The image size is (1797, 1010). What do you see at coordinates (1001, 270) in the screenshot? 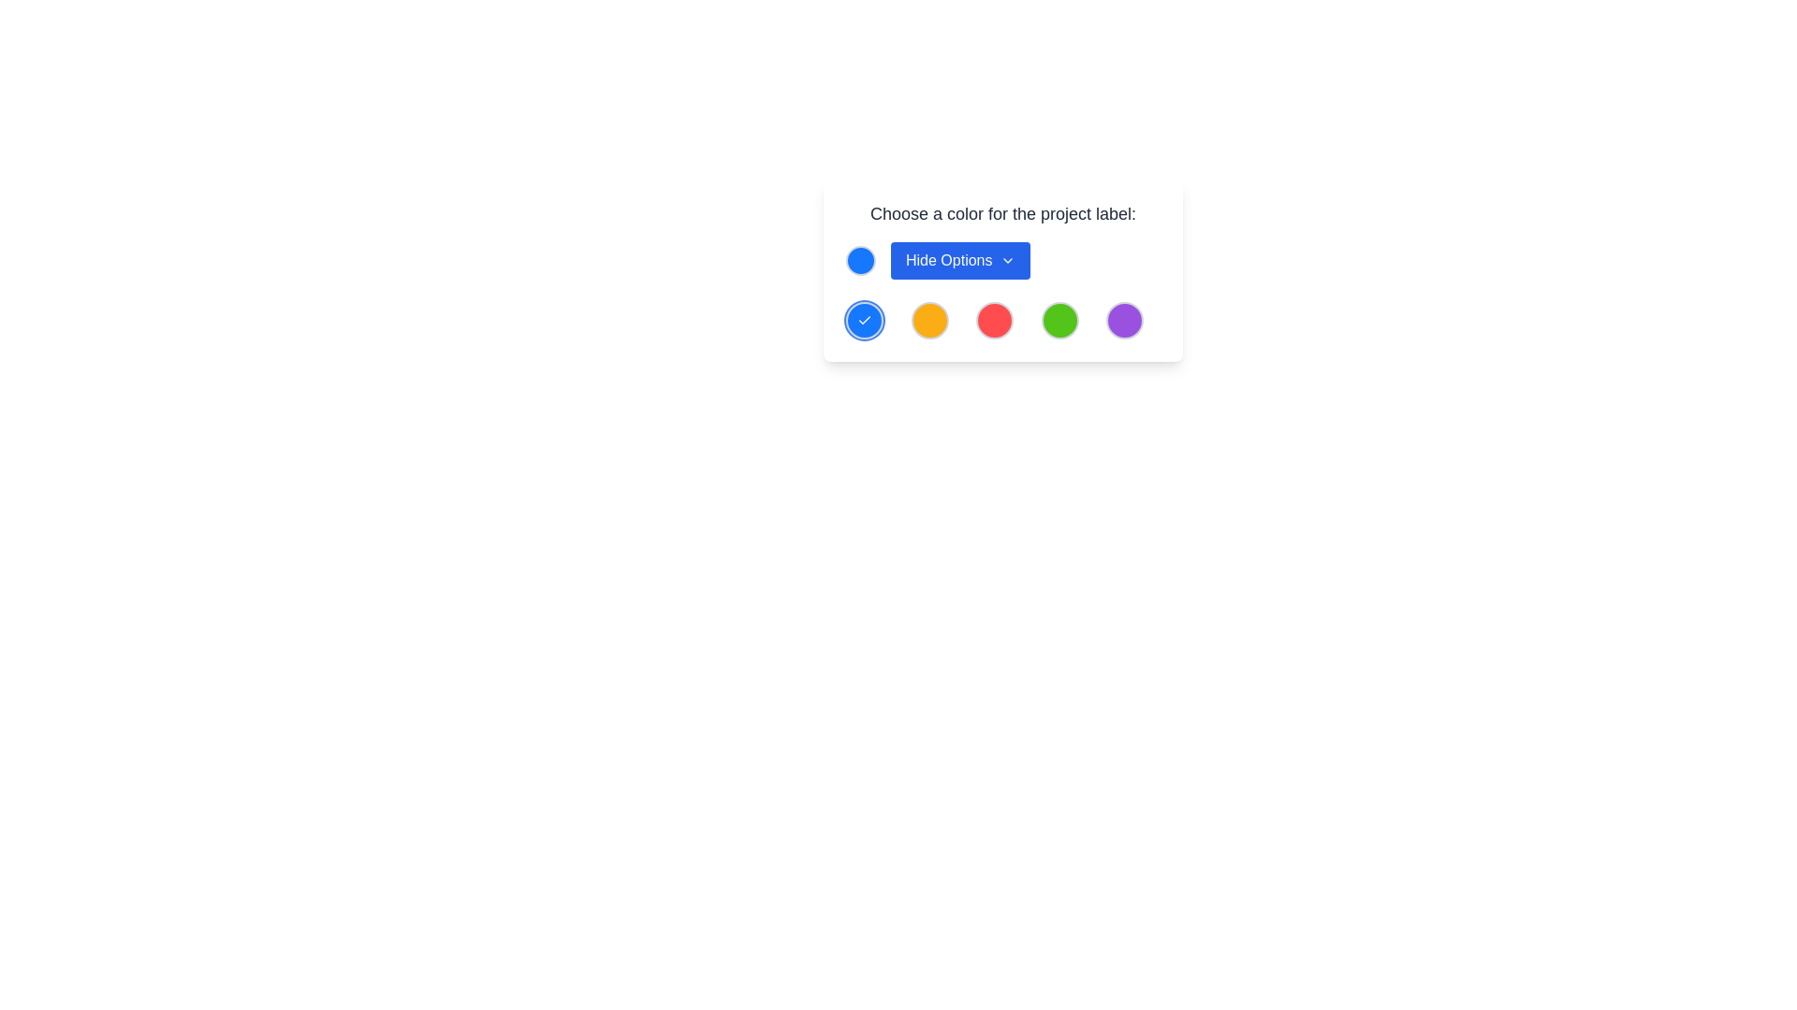
I see `the 'Hide Options' dropdown button in the color selection modal` at bounding box center [1001, 270].